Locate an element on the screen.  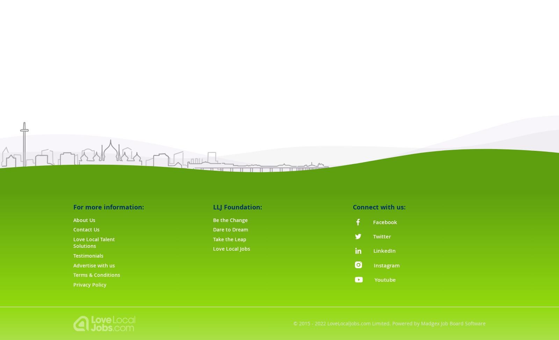
'Terms & Conditions' is located at coordinates (96, 274).